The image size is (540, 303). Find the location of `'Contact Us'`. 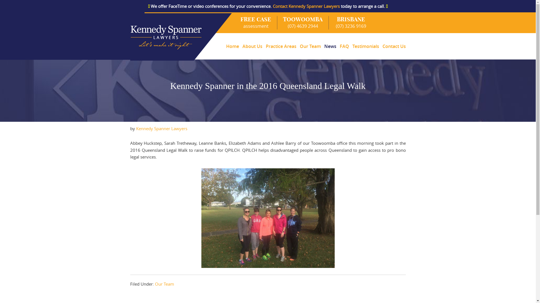

'Contact Us' is located at coordinates (393, 46).